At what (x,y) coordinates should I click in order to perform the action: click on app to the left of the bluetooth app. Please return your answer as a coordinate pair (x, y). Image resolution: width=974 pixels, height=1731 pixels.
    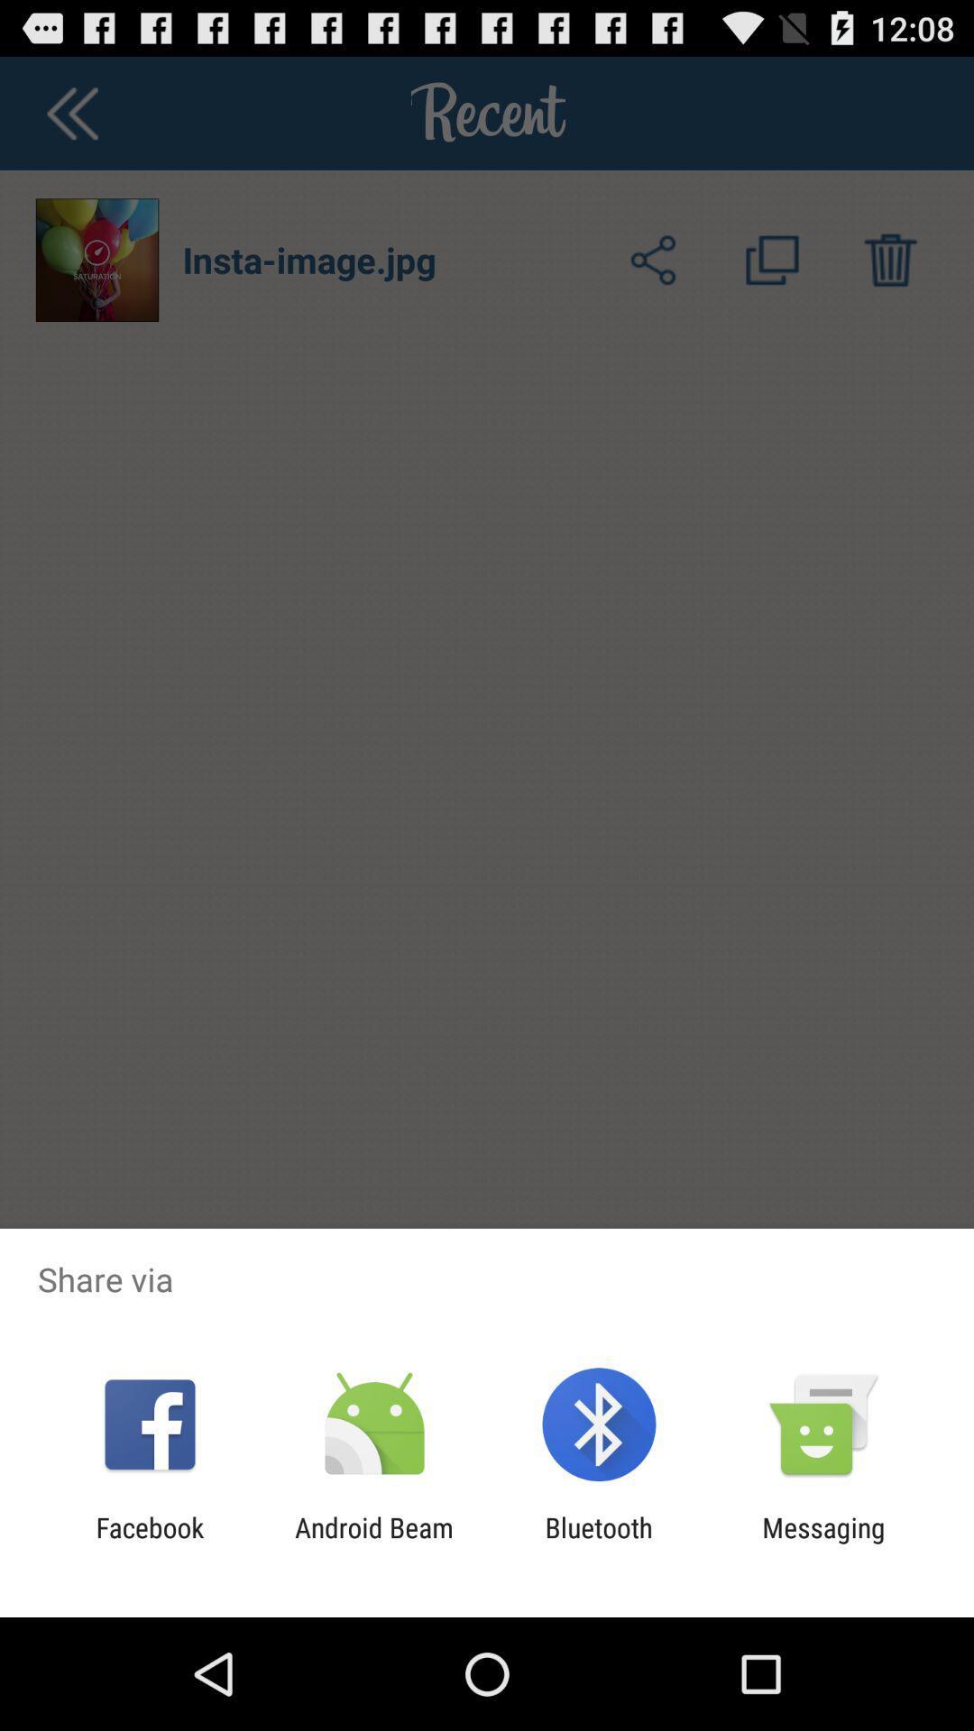
    Looking at the image, I should click on (373, 1543).